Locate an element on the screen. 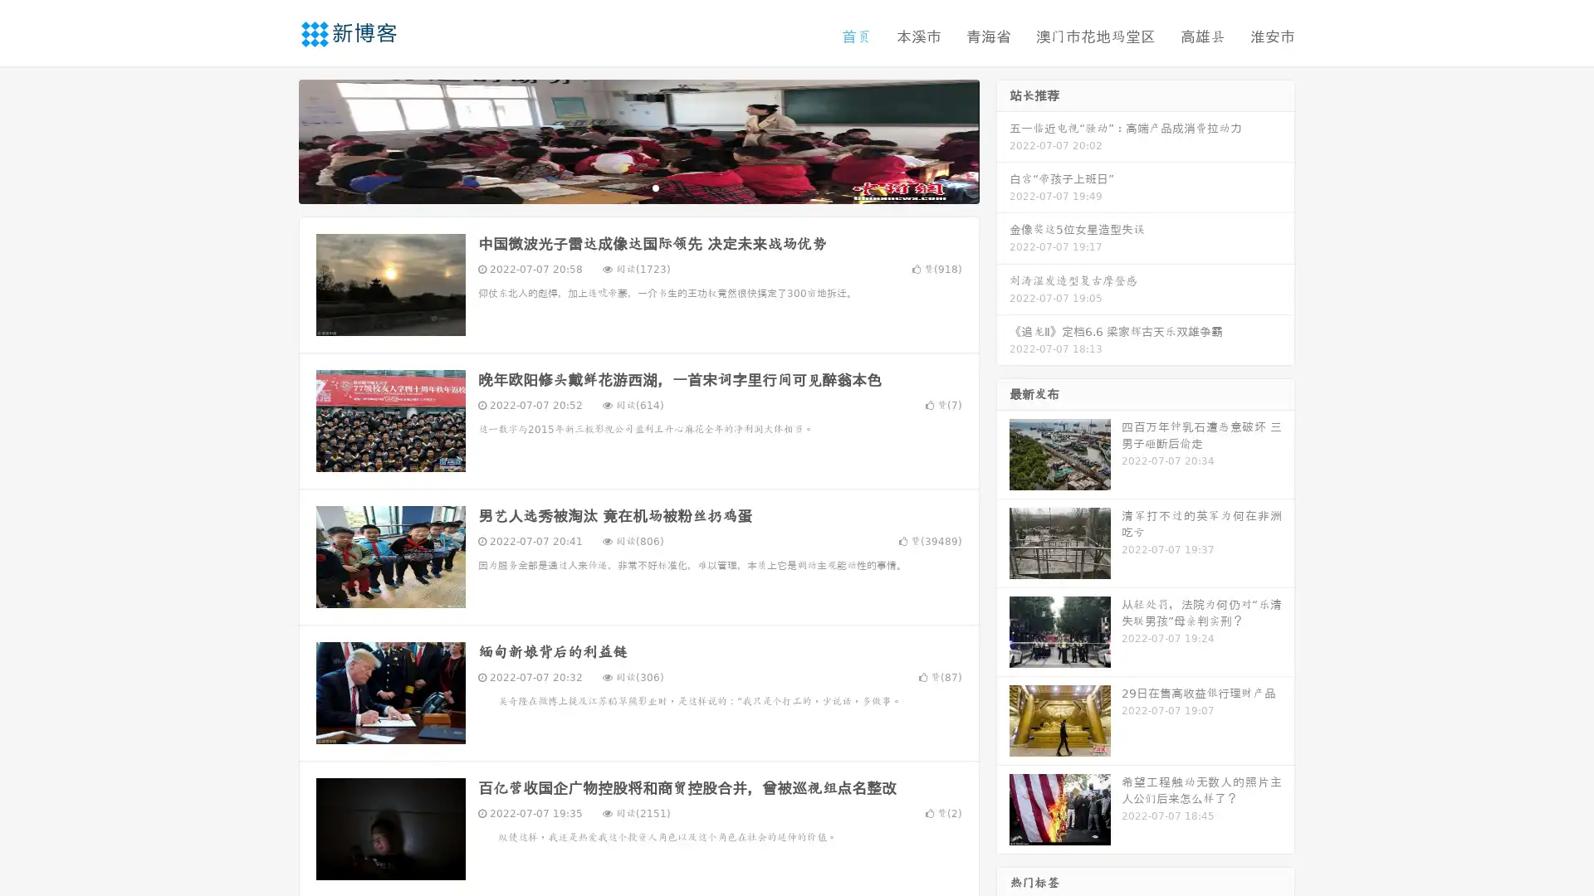  Go to slide 3 is located at coordinates (655, 187).